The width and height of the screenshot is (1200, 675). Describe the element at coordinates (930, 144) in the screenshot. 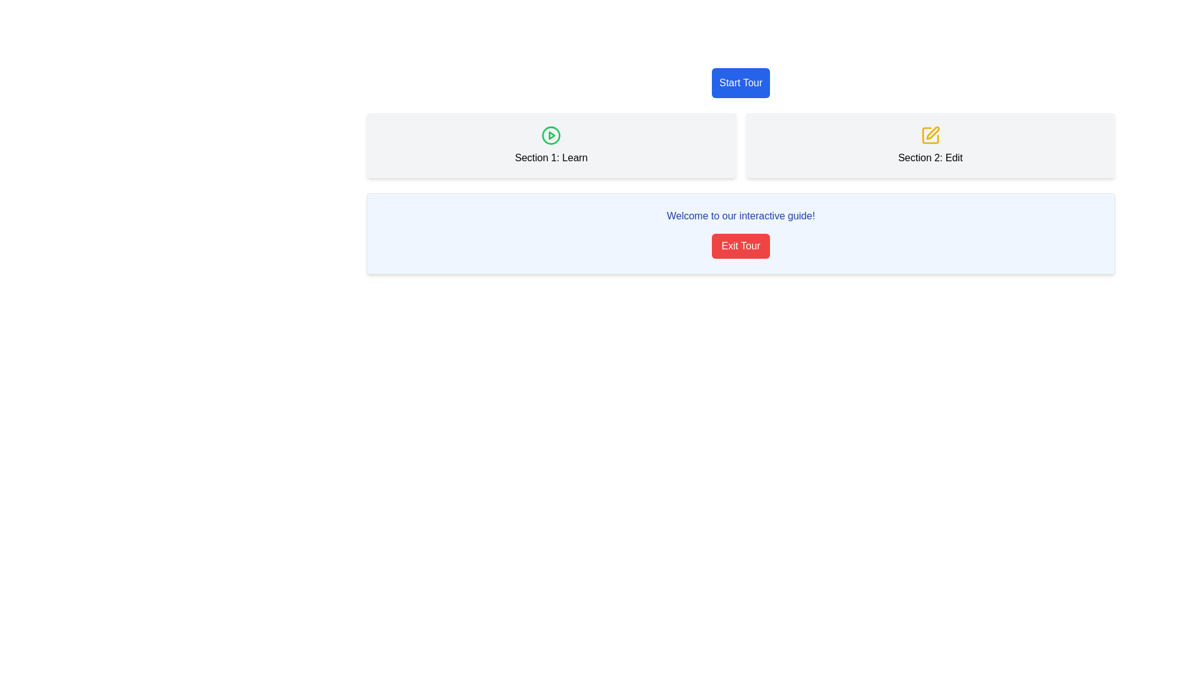

I see `the informational text and icon grouping that represents 'Section 2: Edit', located to the right of 'Section 1: Learn'` at that location.